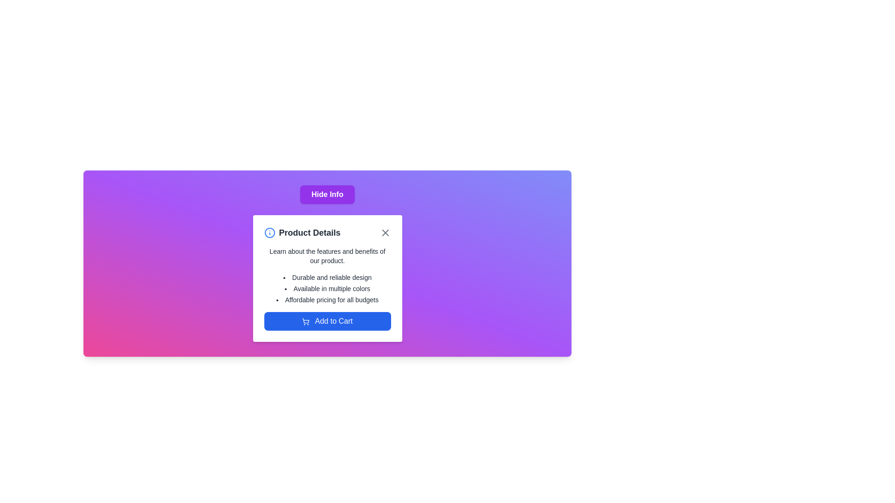 The height and width of the screenshot is (503, 895). What do you see at coordinates (327, 288) in the screenshot?
I see `the text 'Available in multiple colors' which is the second item in a bulleted list inside the 'Product Details' dialogue box` at bounding box center [327, 288].